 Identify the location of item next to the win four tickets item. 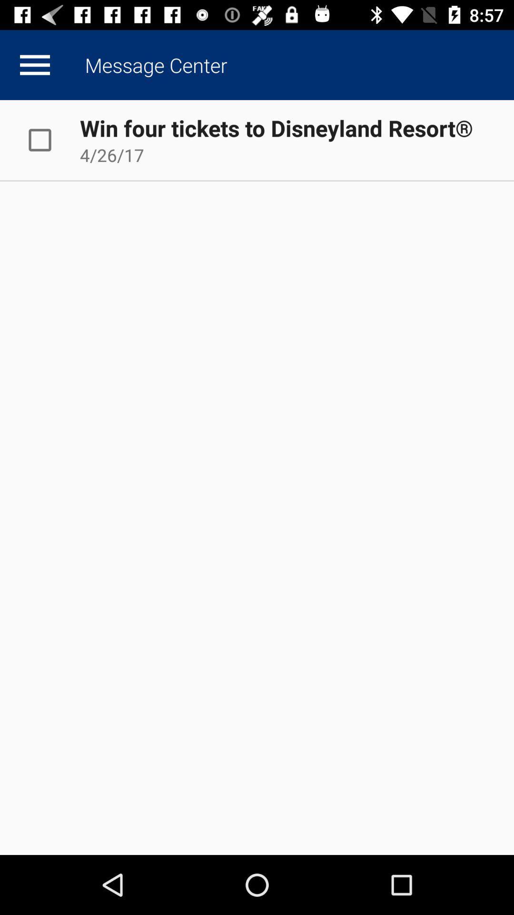
(49, 139).